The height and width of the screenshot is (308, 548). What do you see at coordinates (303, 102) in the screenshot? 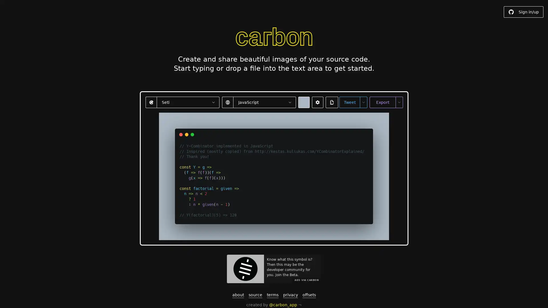
I see `Background Menu` at bounding box center [303, 102].